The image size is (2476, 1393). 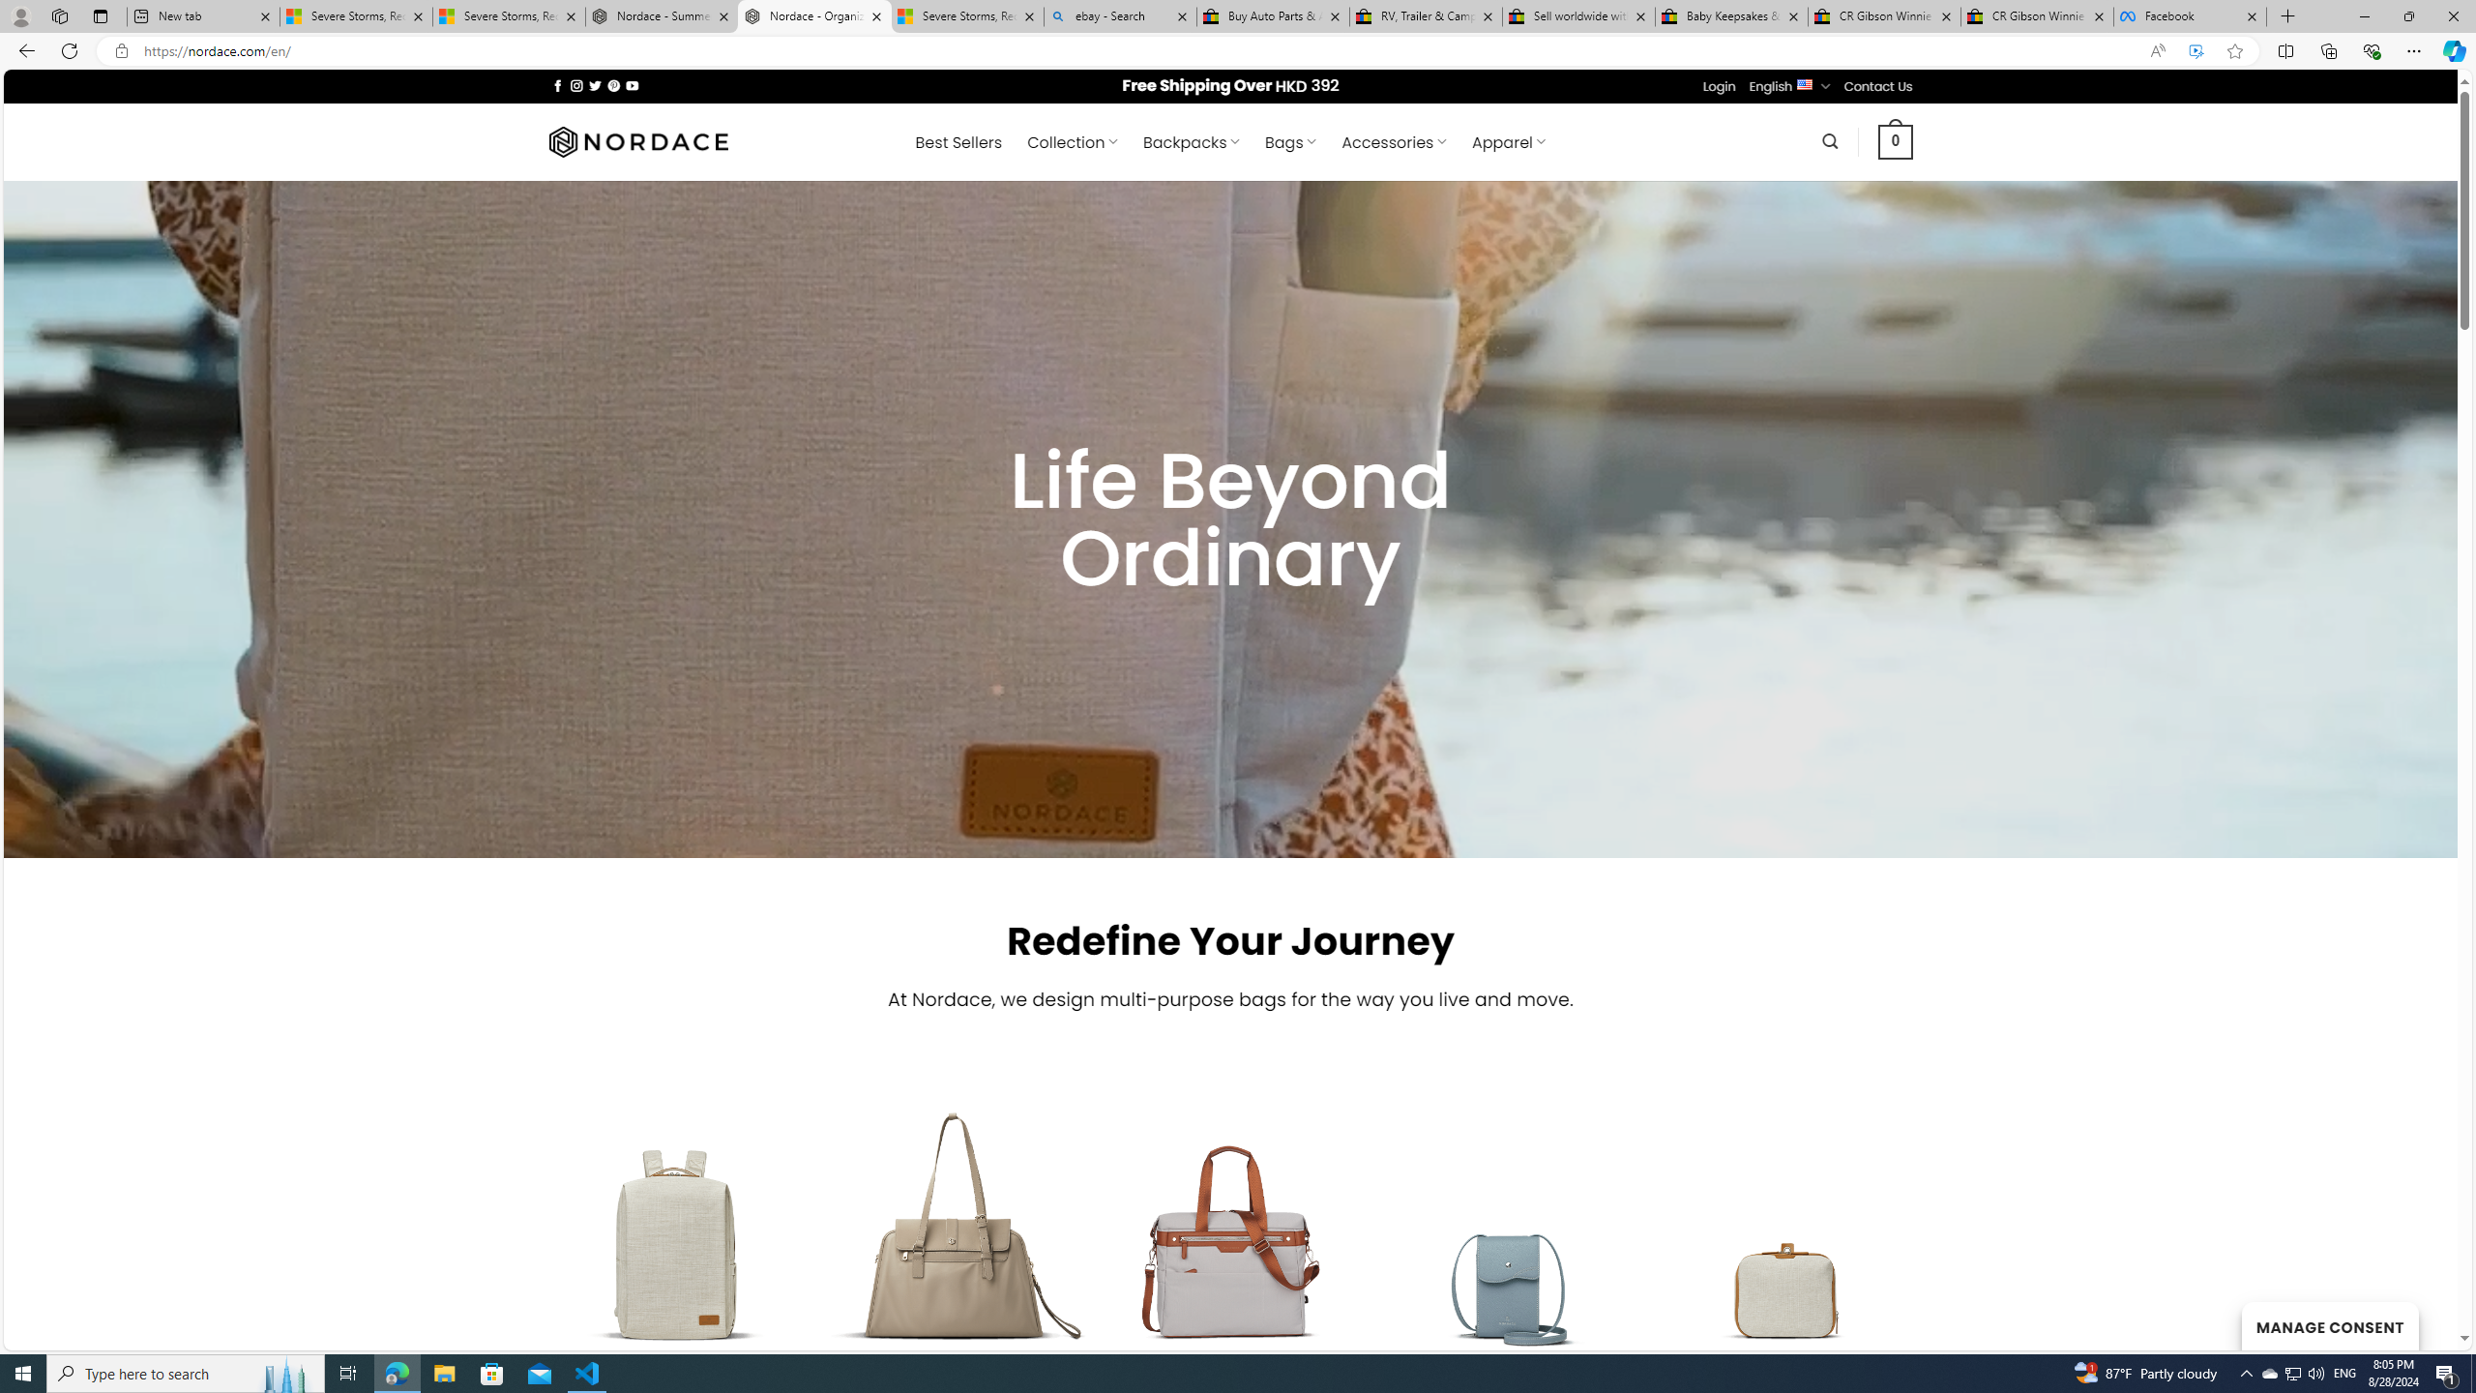 What do you see at coordinates (1879, 85) in the screenshot?
I see `'Contact Us'` at bounding box center [1879, 85].